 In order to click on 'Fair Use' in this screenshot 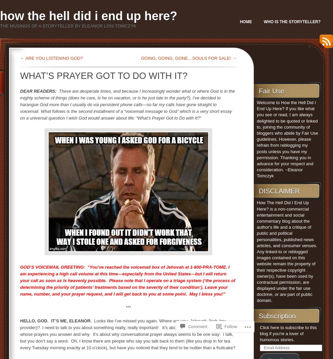, I will do `click(258, 90)`.